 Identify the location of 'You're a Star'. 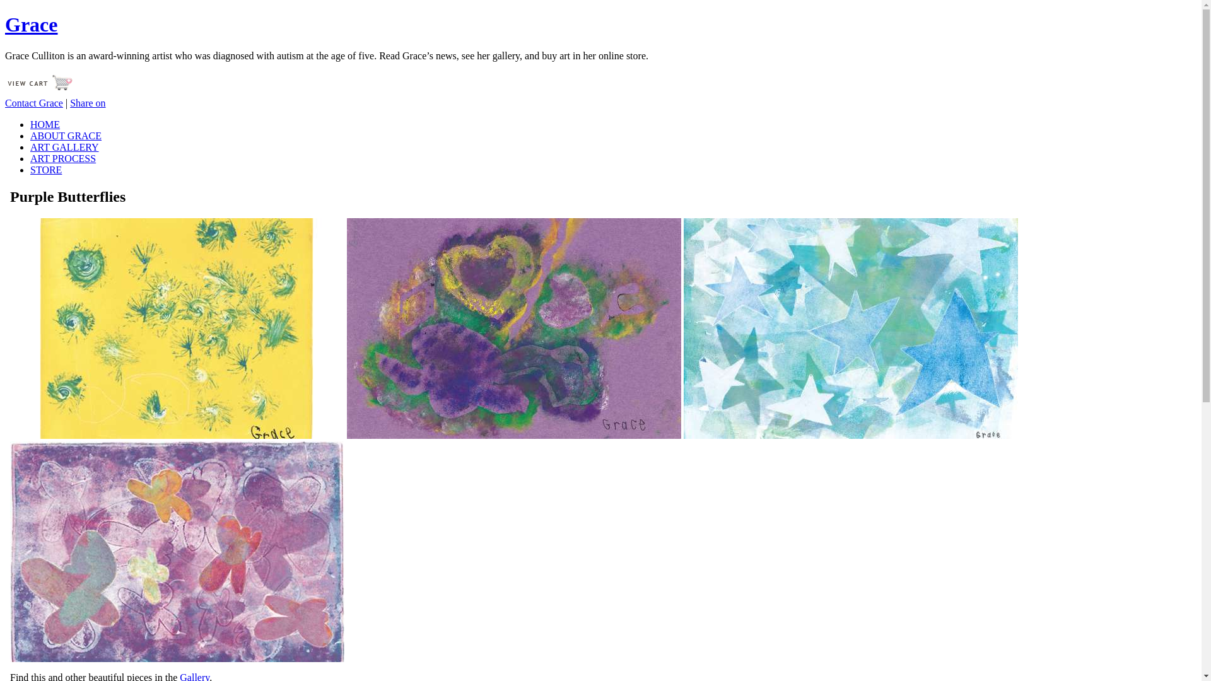
(850, 327).